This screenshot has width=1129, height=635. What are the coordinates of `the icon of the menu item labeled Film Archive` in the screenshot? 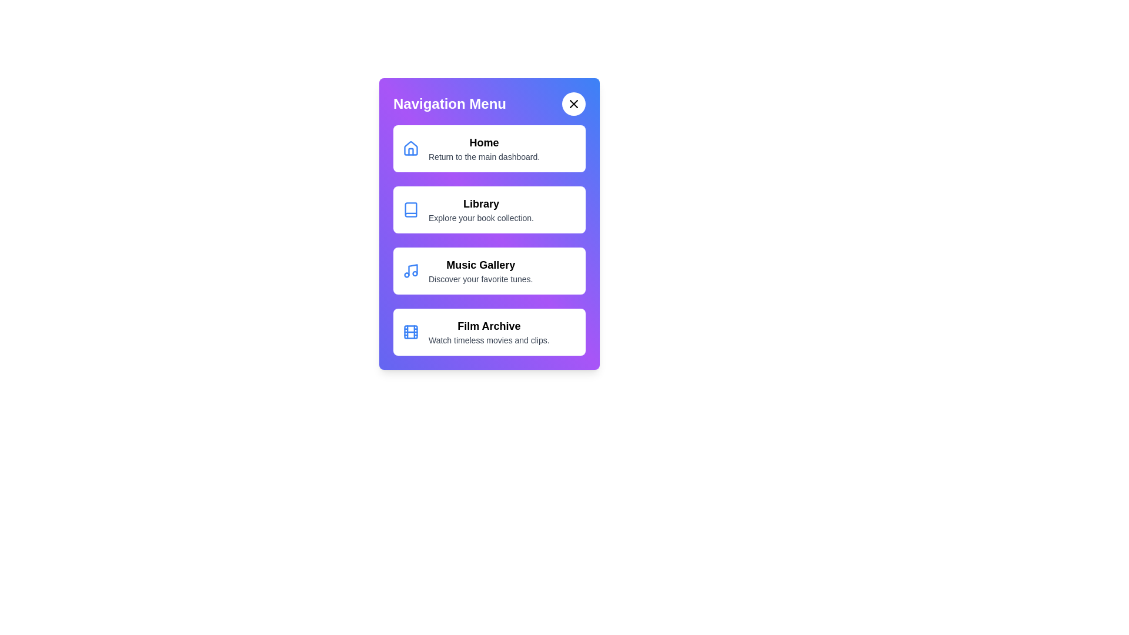 It's located at (411, 332).